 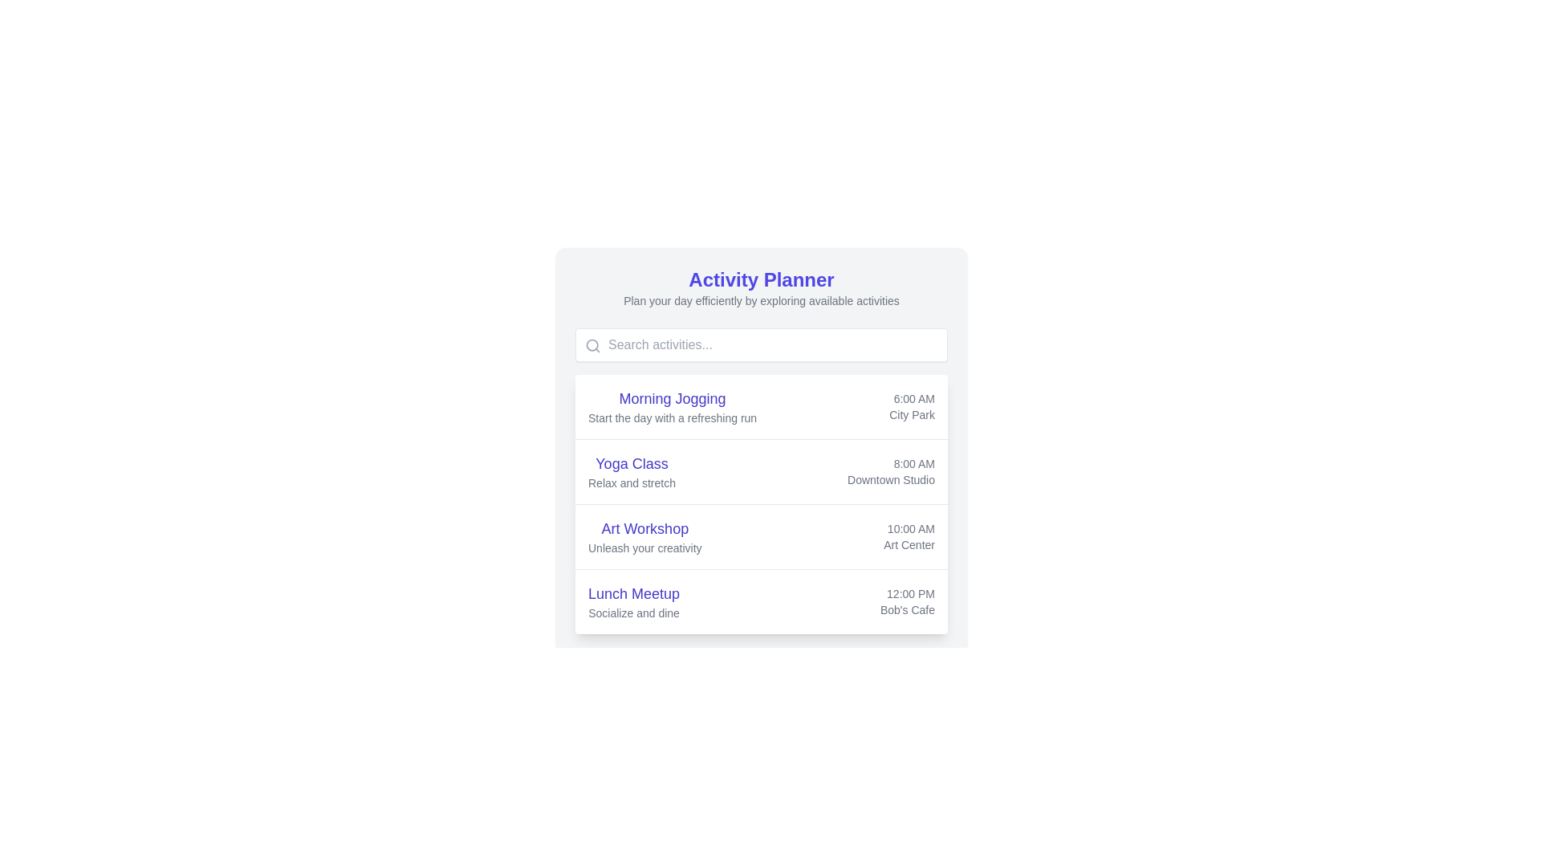 What do you see at coordinates (633, 613) in the screenshot?
I see `the static text that provides additional details related to the 'Lunch Meetup' activity, positioned beneath the title in the 'Activity Planner' layout` at bounding box center [633, 613].